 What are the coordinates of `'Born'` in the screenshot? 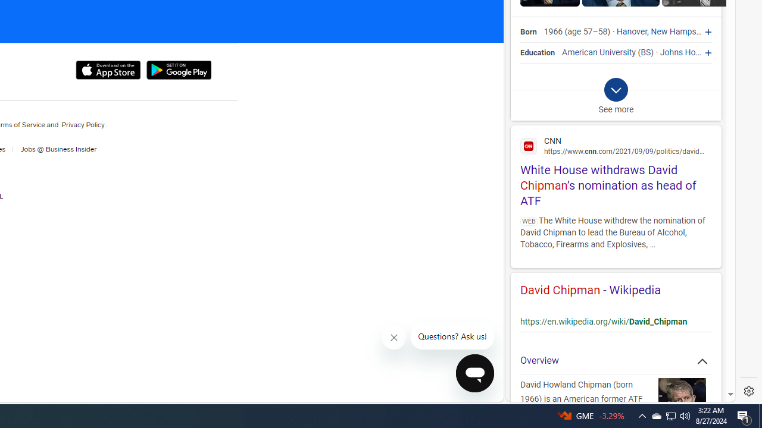 It's located at (528, 32).